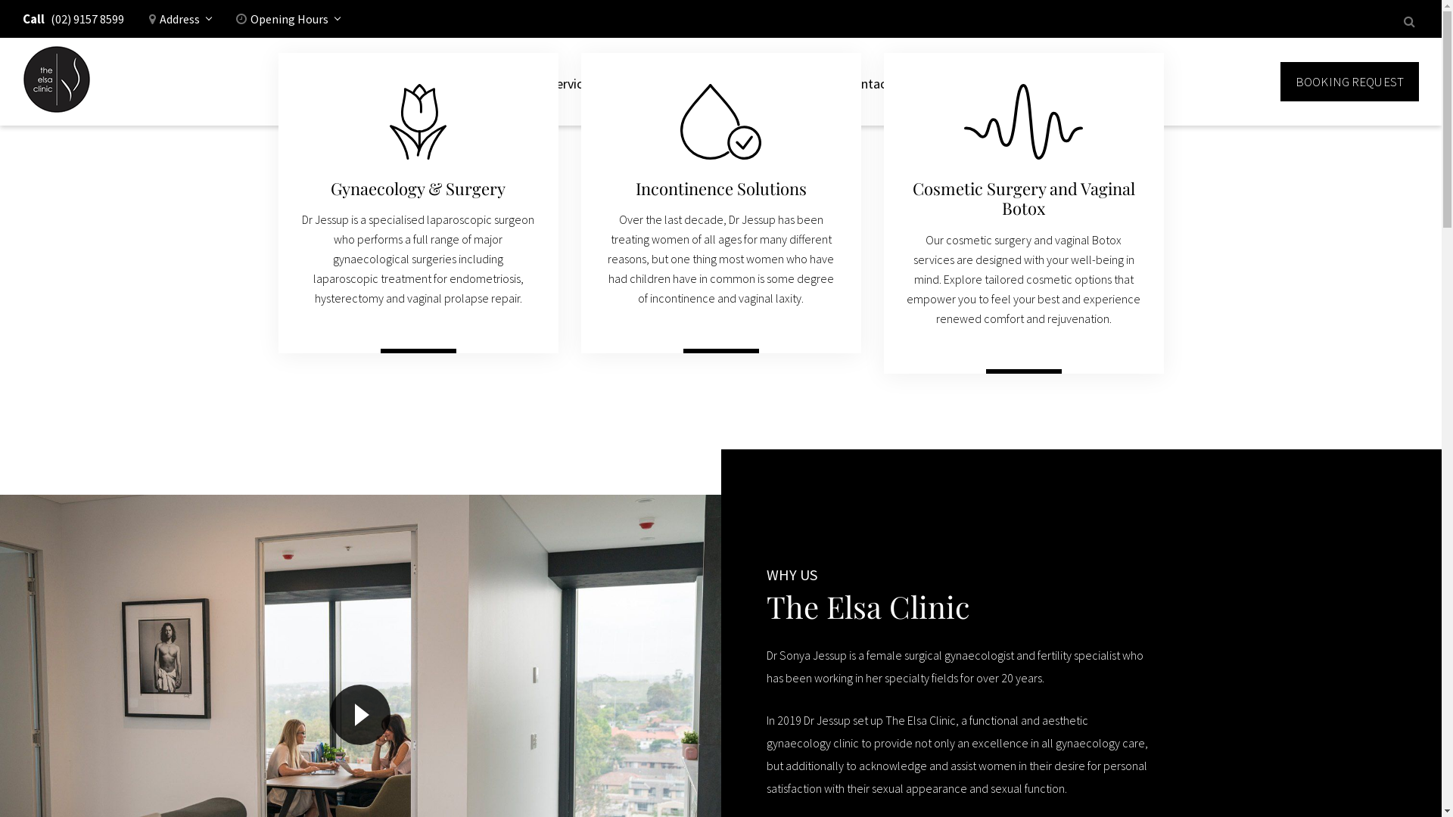 Image resolution: width=1453 pixels, height=817 pixels. Describe the element at coordinates (541, 82) in the screenshot. I see `'Services'` at that location.